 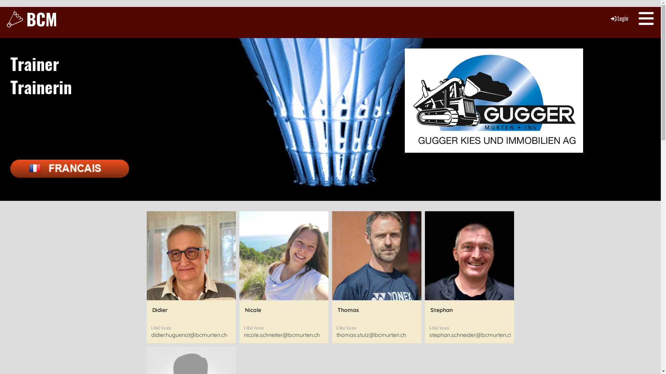 What do you see at coordinates (471, 335) in the screenshot?
I see `'stephan.schneider@bcmurten.ch'` at bounding box center [471, 335].